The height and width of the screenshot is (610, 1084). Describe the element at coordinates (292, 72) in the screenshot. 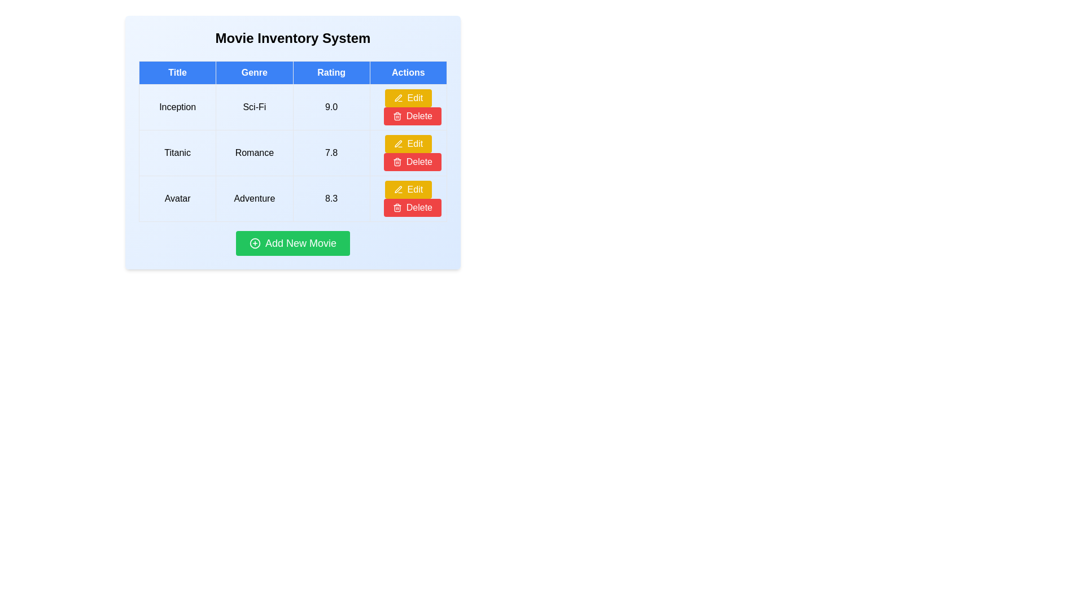

I see `the Table Header Row that indicates the titles of the columns for the movie data table` at that location.